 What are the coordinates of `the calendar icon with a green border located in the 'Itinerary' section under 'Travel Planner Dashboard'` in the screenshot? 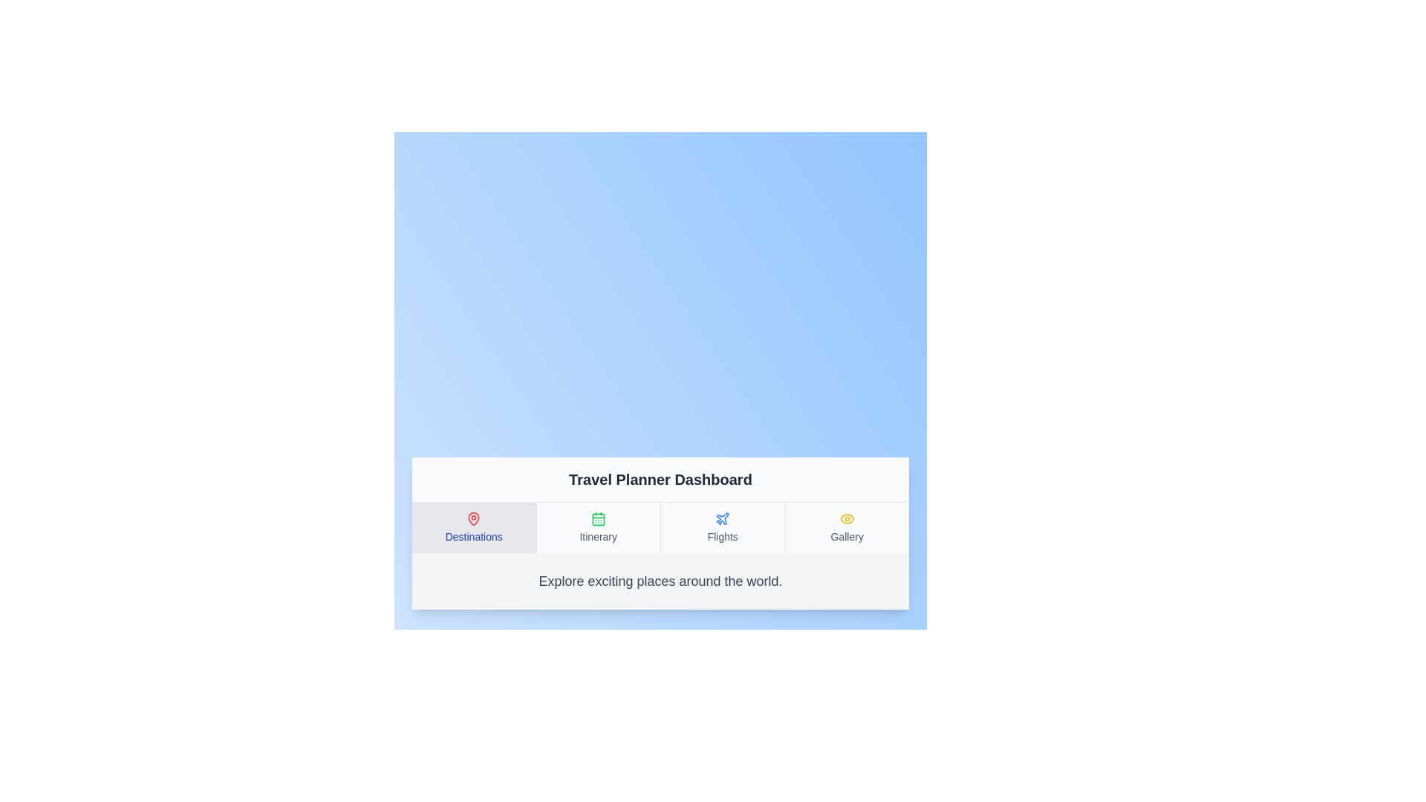 It's located at (598, 518).